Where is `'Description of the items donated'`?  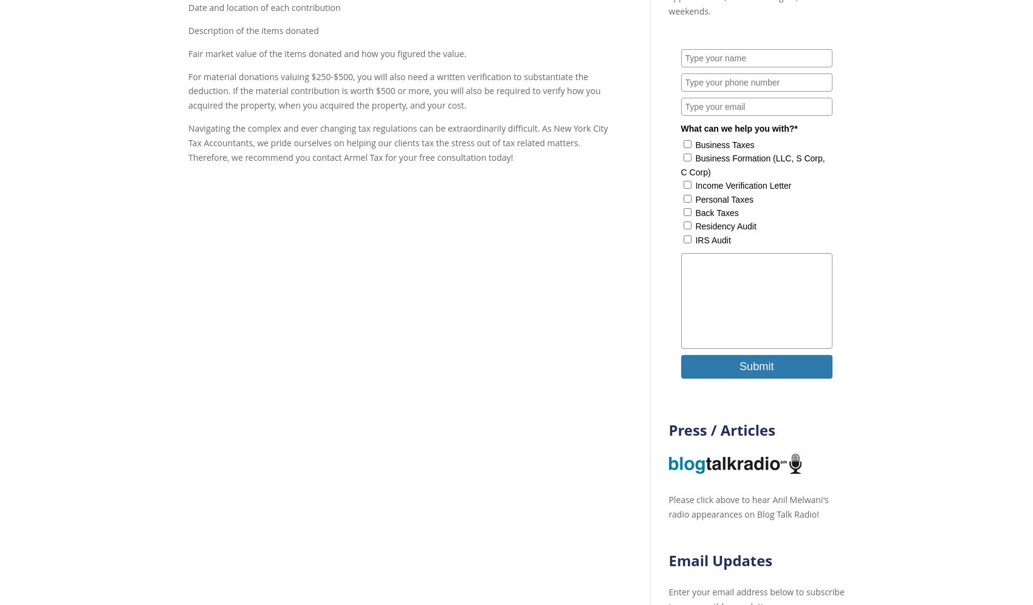
'Description of the items donated' is located at coordinates (253, 29).